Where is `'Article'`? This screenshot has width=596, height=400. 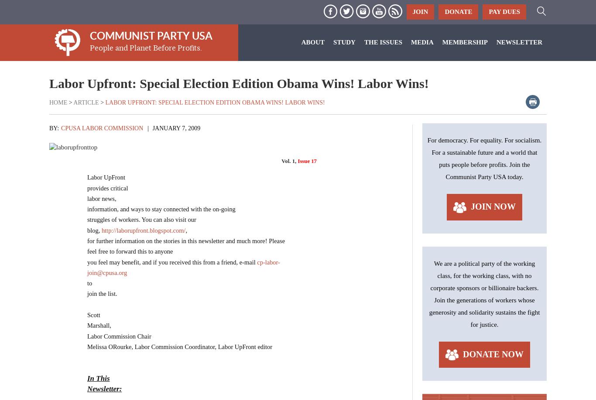 'Article' is located at coordinates (85, 102).